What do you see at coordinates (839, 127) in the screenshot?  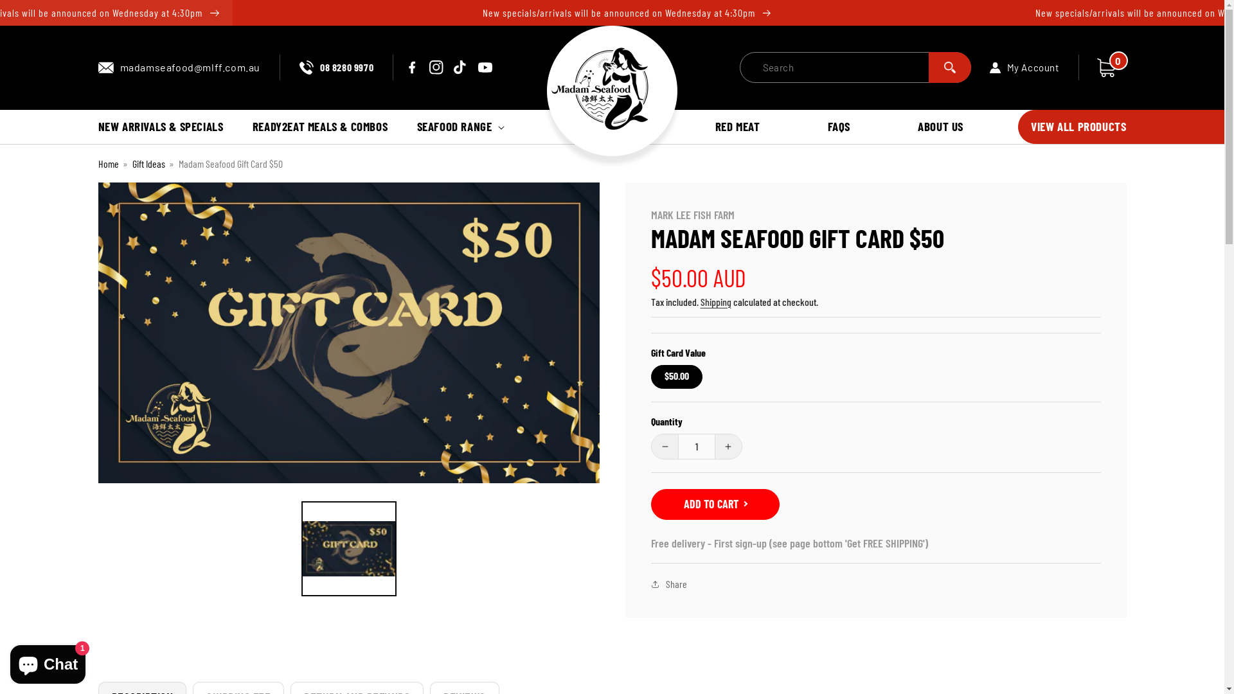 I see `'FAQS'` at bounding box center [839, 127].